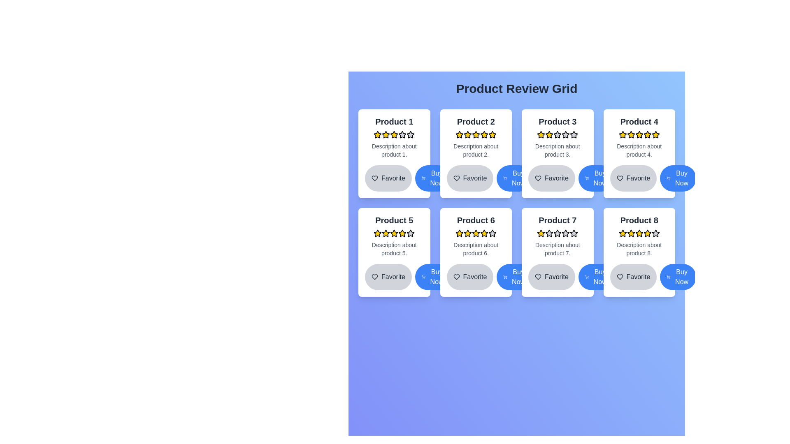  Describe the element at coordinates (394, 154) in the screenshot. I see `the first product card in the grid layout to trigger additional visual effects` at that location.